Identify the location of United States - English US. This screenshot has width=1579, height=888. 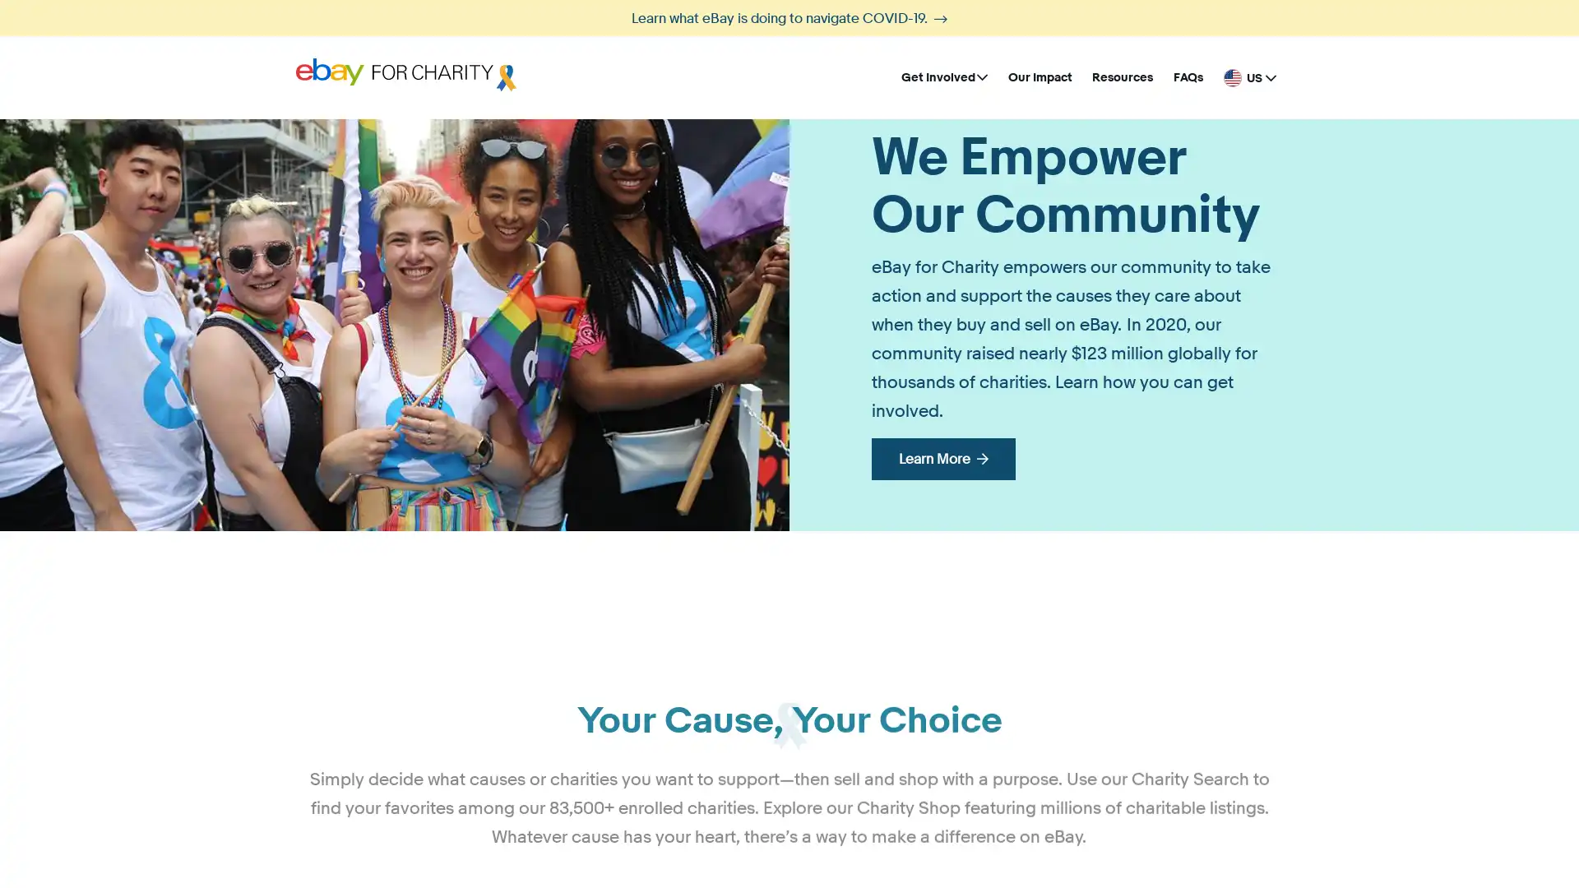
(1248, 76).